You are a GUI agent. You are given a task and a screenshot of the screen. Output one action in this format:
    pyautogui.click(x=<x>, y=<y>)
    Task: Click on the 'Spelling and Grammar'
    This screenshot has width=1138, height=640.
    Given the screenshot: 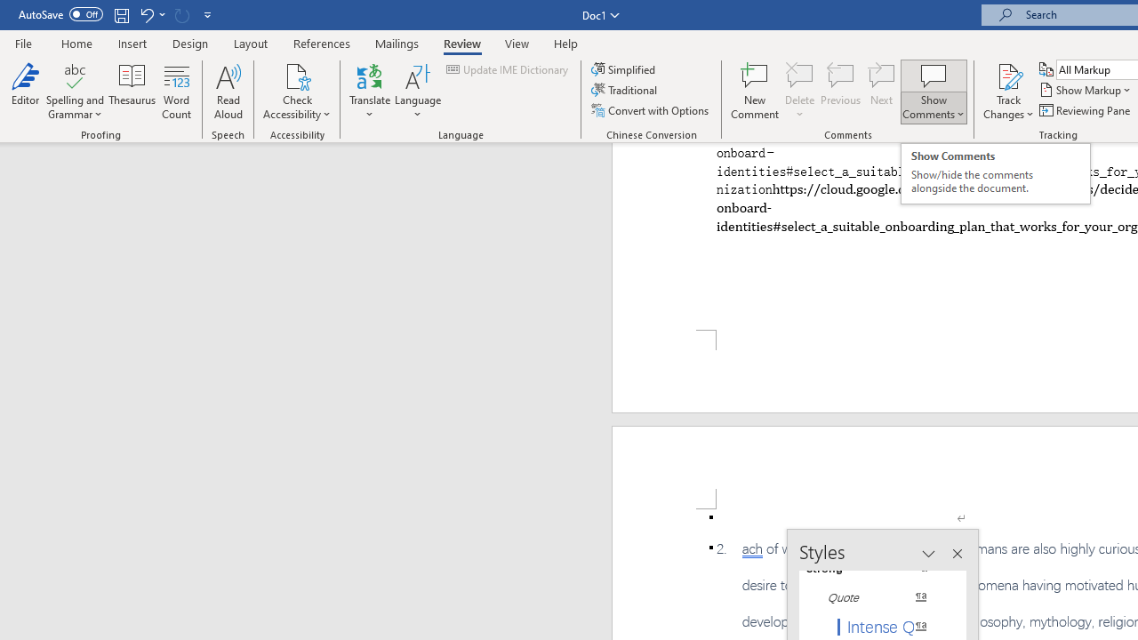 What is the action you would take?
    pyautogui.click(x=75, y=75)
    